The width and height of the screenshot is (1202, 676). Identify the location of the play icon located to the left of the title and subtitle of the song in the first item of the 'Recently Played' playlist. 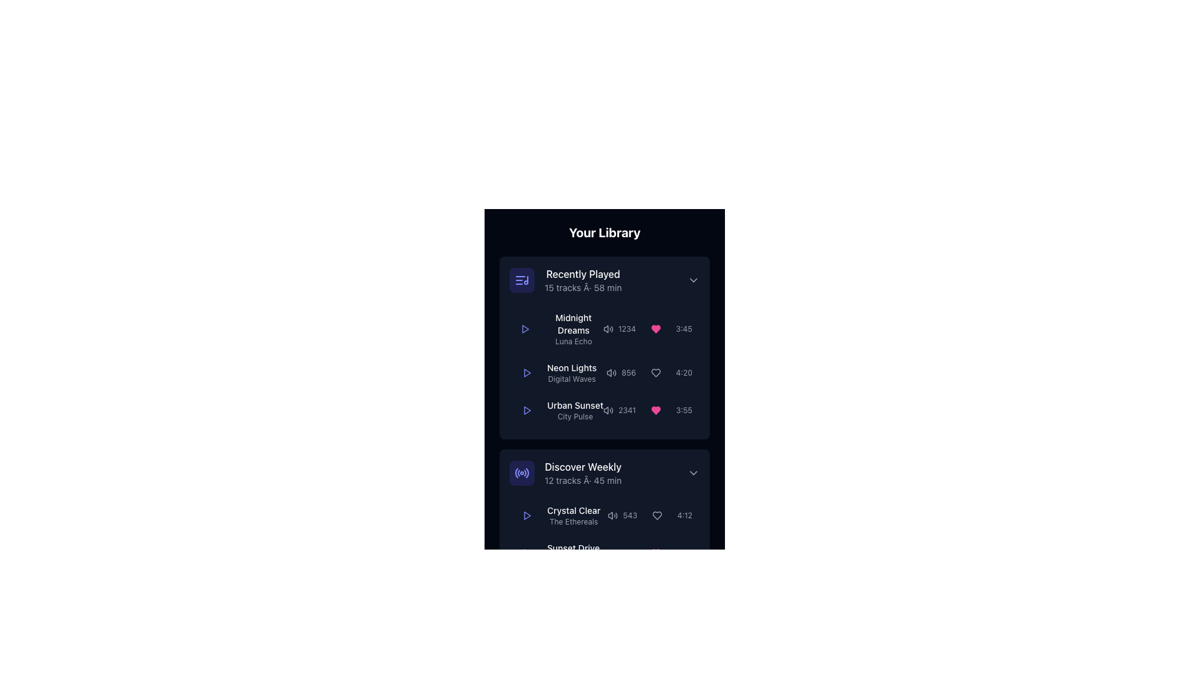
(559, 328).